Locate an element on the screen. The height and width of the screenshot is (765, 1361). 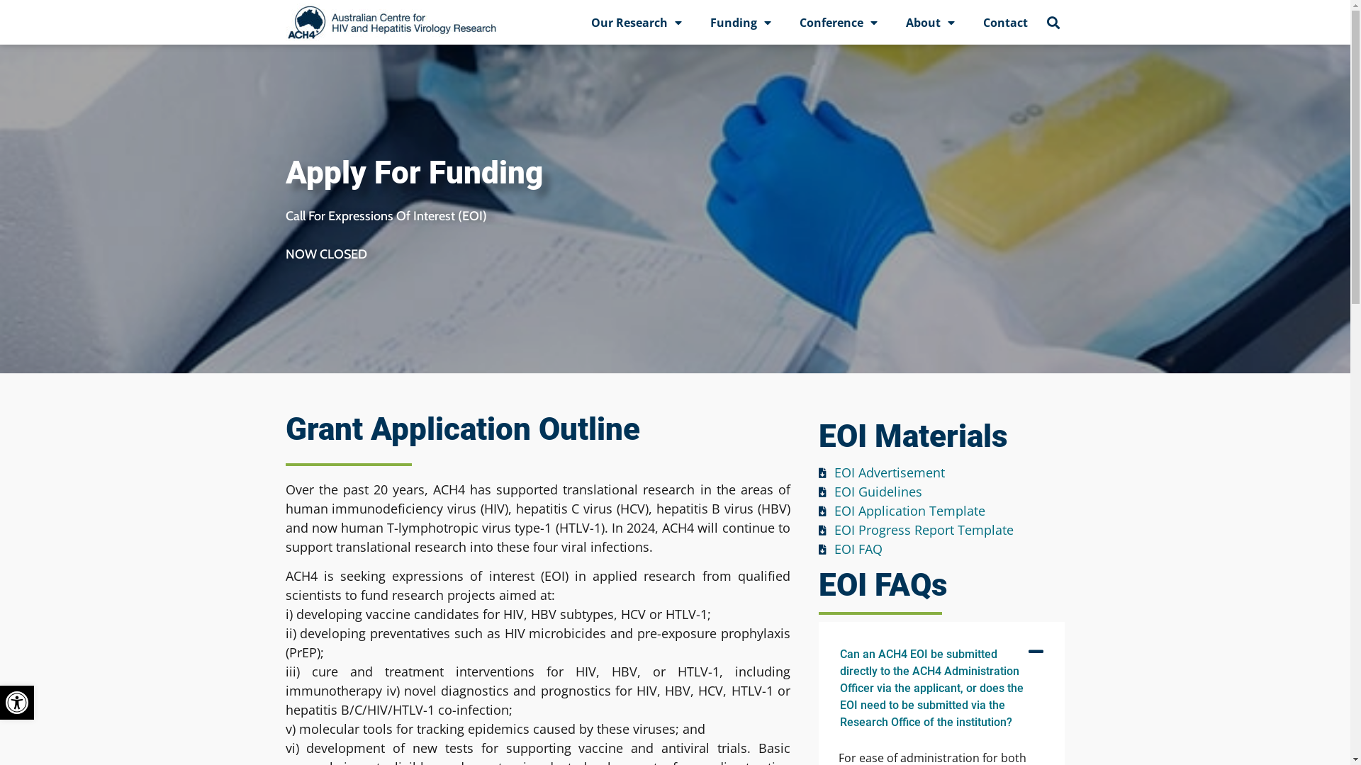
'About' is located at coordinates (930, 22).